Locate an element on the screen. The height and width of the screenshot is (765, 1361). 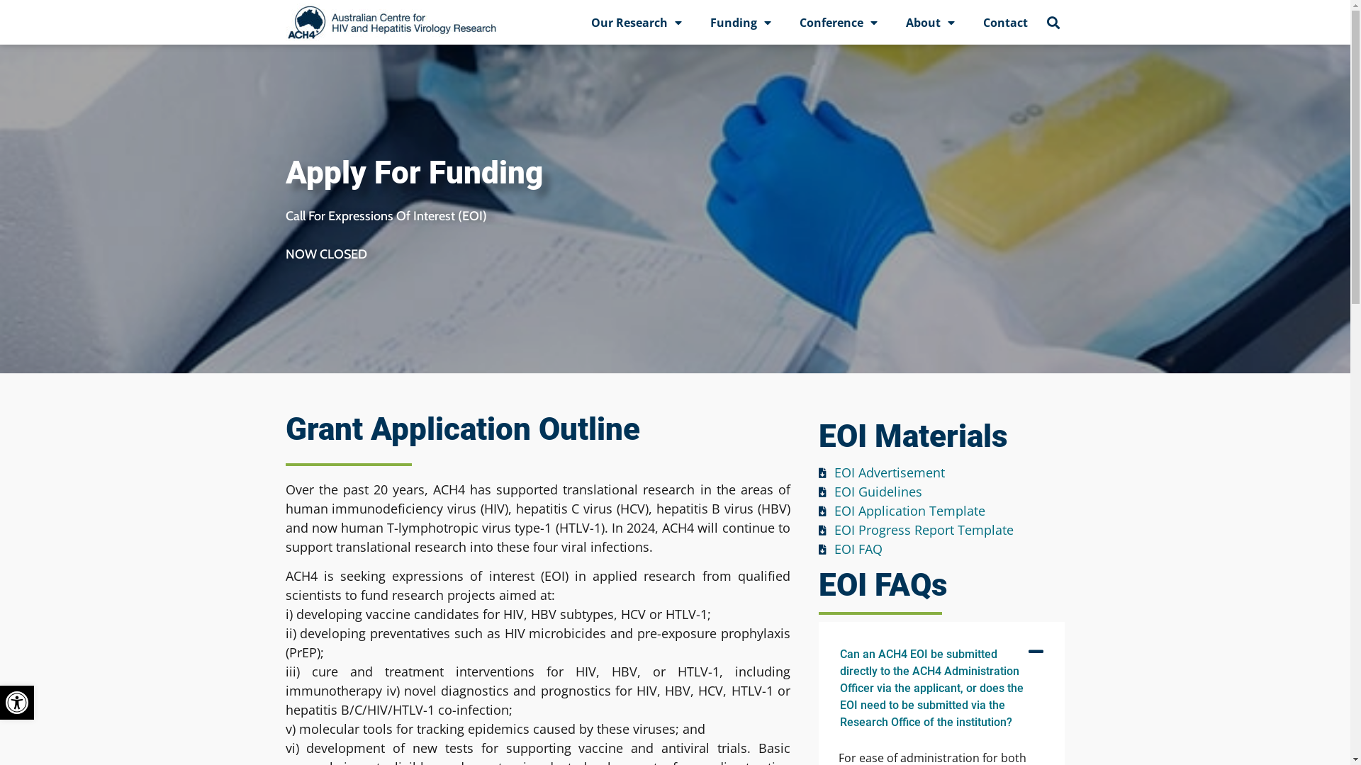
'About' is located at coordinates (930, 22).